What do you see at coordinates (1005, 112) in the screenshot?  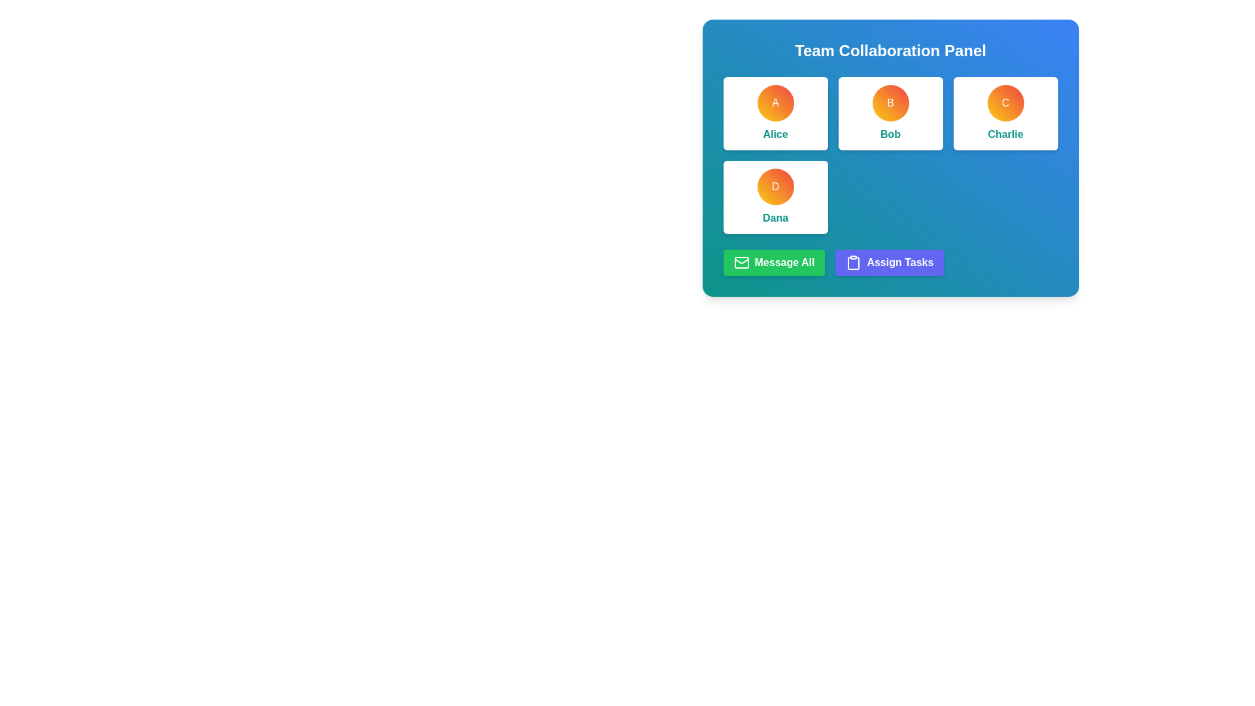 I see `the profile card for 'Charlie', which is the third card in a 2x2 grid` at bounding box center [1005, 112].